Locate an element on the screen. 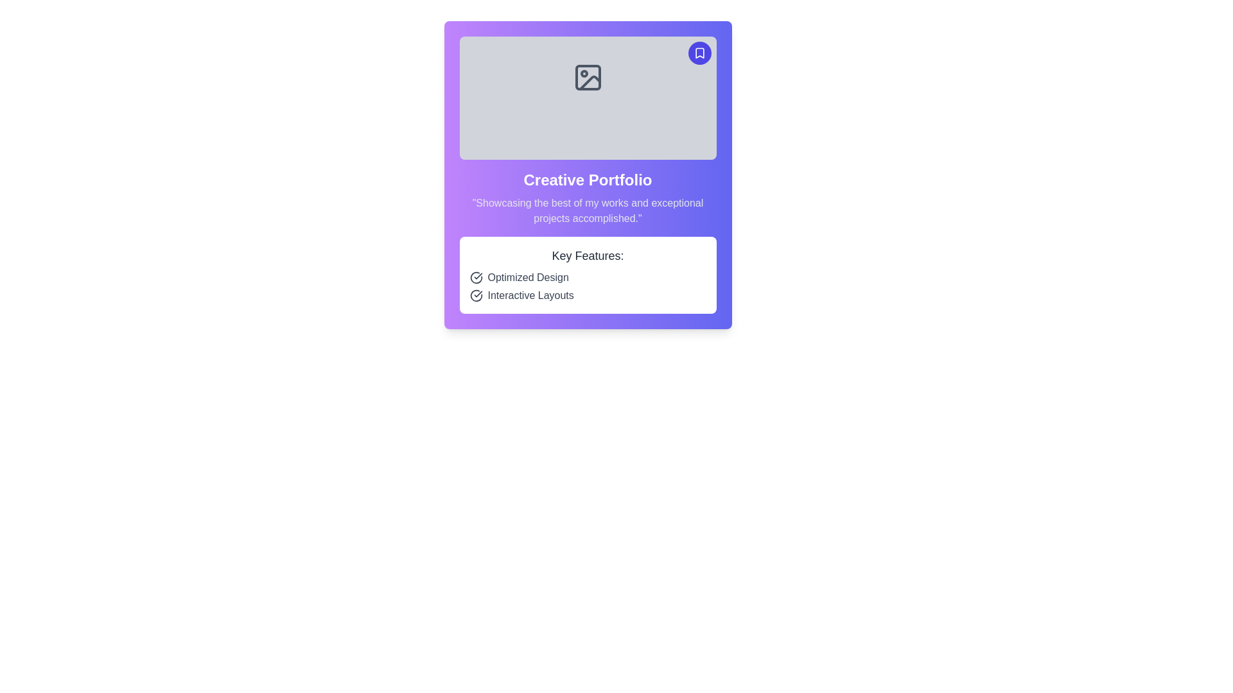  the placeholder icon for an image within the card layout, which is centered inside the rectangular gray area at the top of the purple card is located at coordinates (587, 77).